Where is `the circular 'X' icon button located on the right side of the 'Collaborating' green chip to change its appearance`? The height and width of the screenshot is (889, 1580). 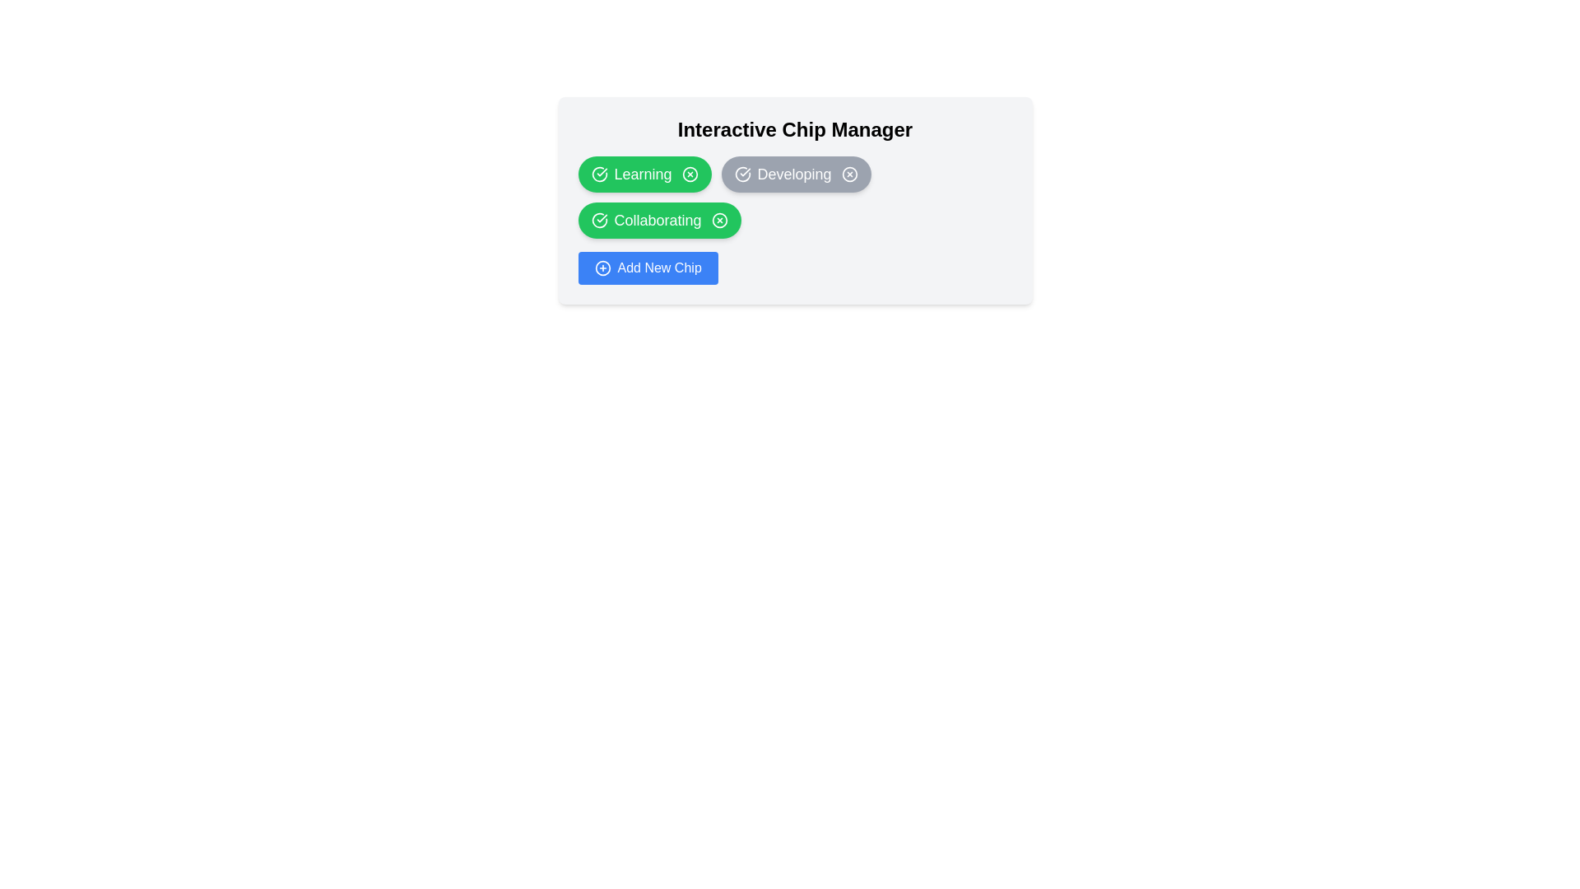 the circular 'X' icon button located on the right side of the 'Collaborating' green chip to change its appearance is located at coordinates (719, 219).